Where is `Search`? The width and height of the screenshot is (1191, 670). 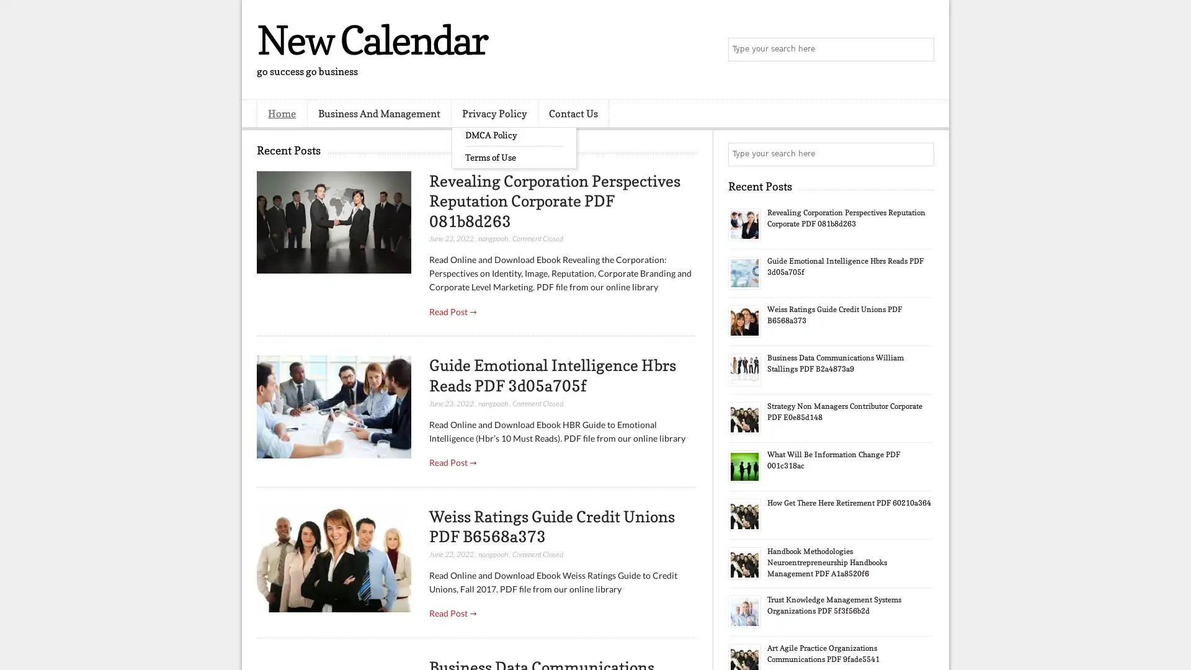
Search is located at coordinates (921, 50).